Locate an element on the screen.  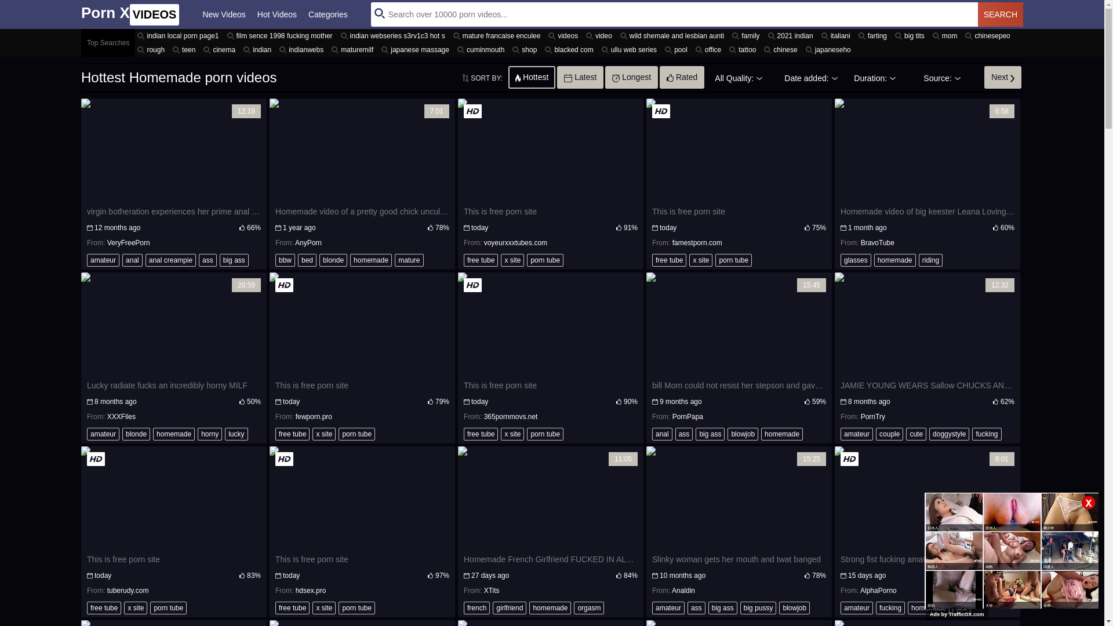
'Latest' is located at coordinates (580, 77).